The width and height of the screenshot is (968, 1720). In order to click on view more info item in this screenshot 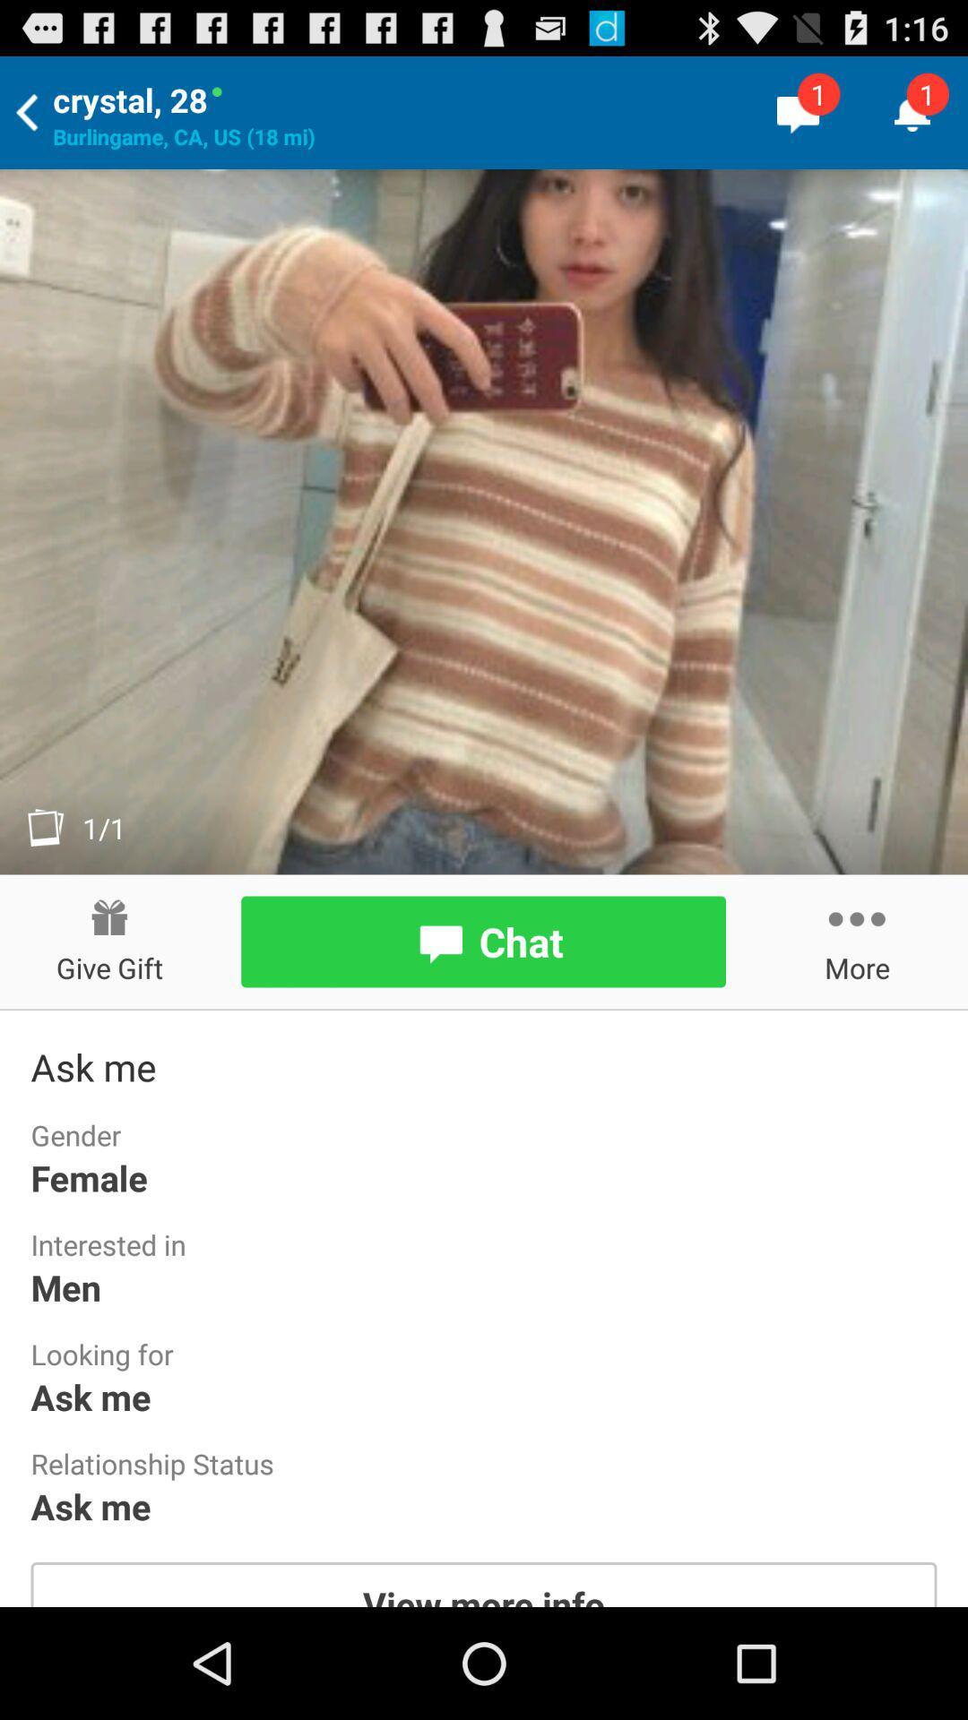, I will do `click(484, 1584)`.